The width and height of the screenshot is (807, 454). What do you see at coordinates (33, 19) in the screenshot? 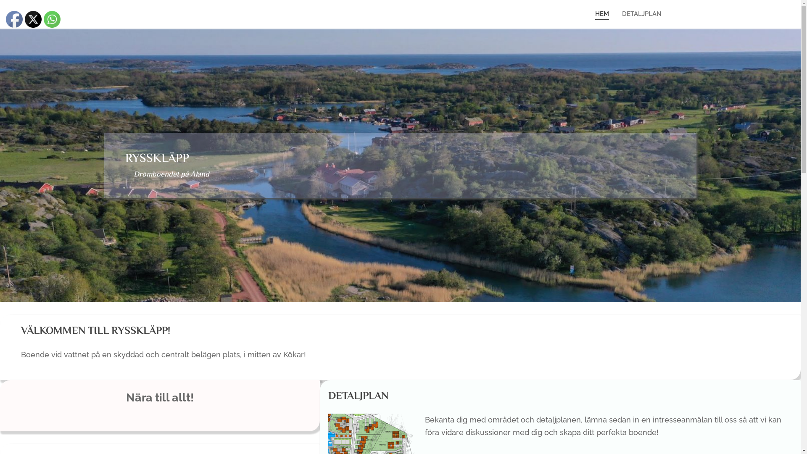
I see `'Twitter'` at bounding box center [33, 19].